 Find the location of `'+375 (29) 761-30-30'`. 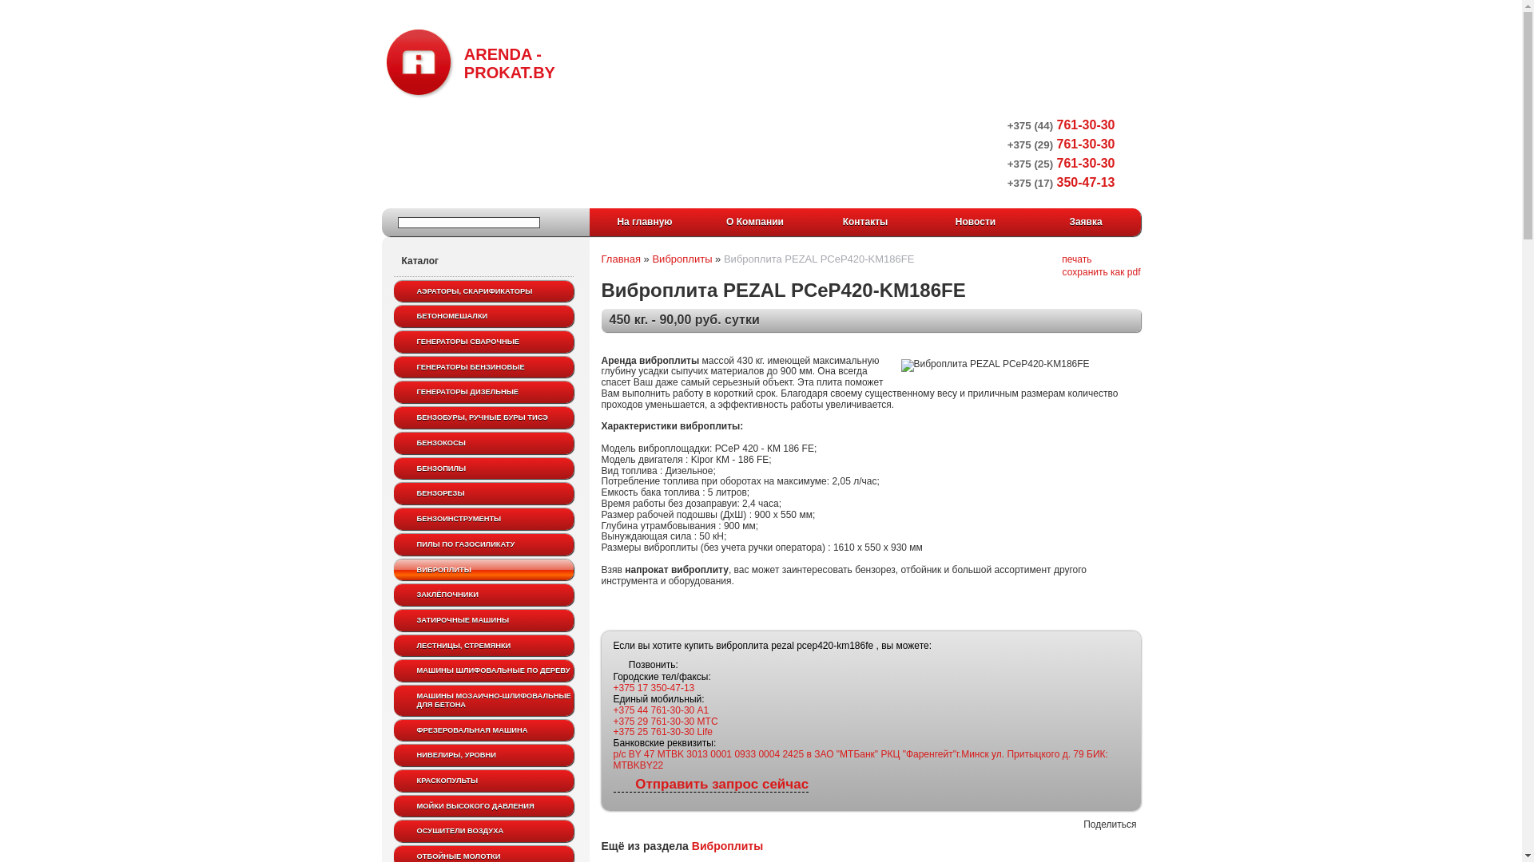

'+375 (29) 761-30-30' is located at coordinates (1007, 144).